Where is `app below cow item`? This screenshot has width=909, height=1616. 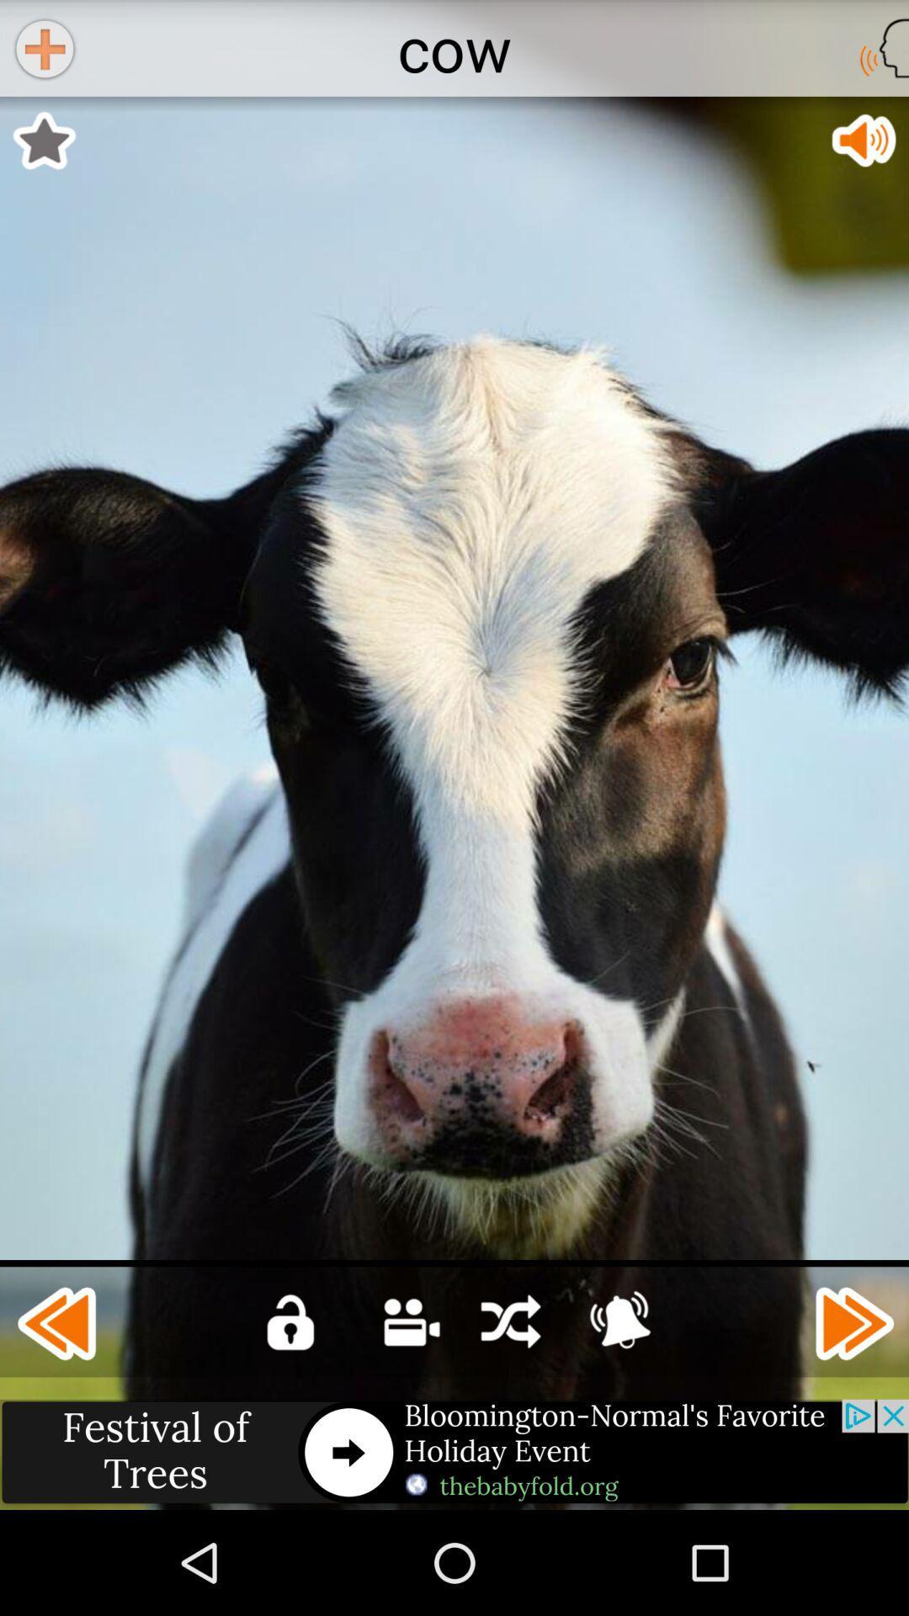
app below cow item is located at coordinates (864, 141).